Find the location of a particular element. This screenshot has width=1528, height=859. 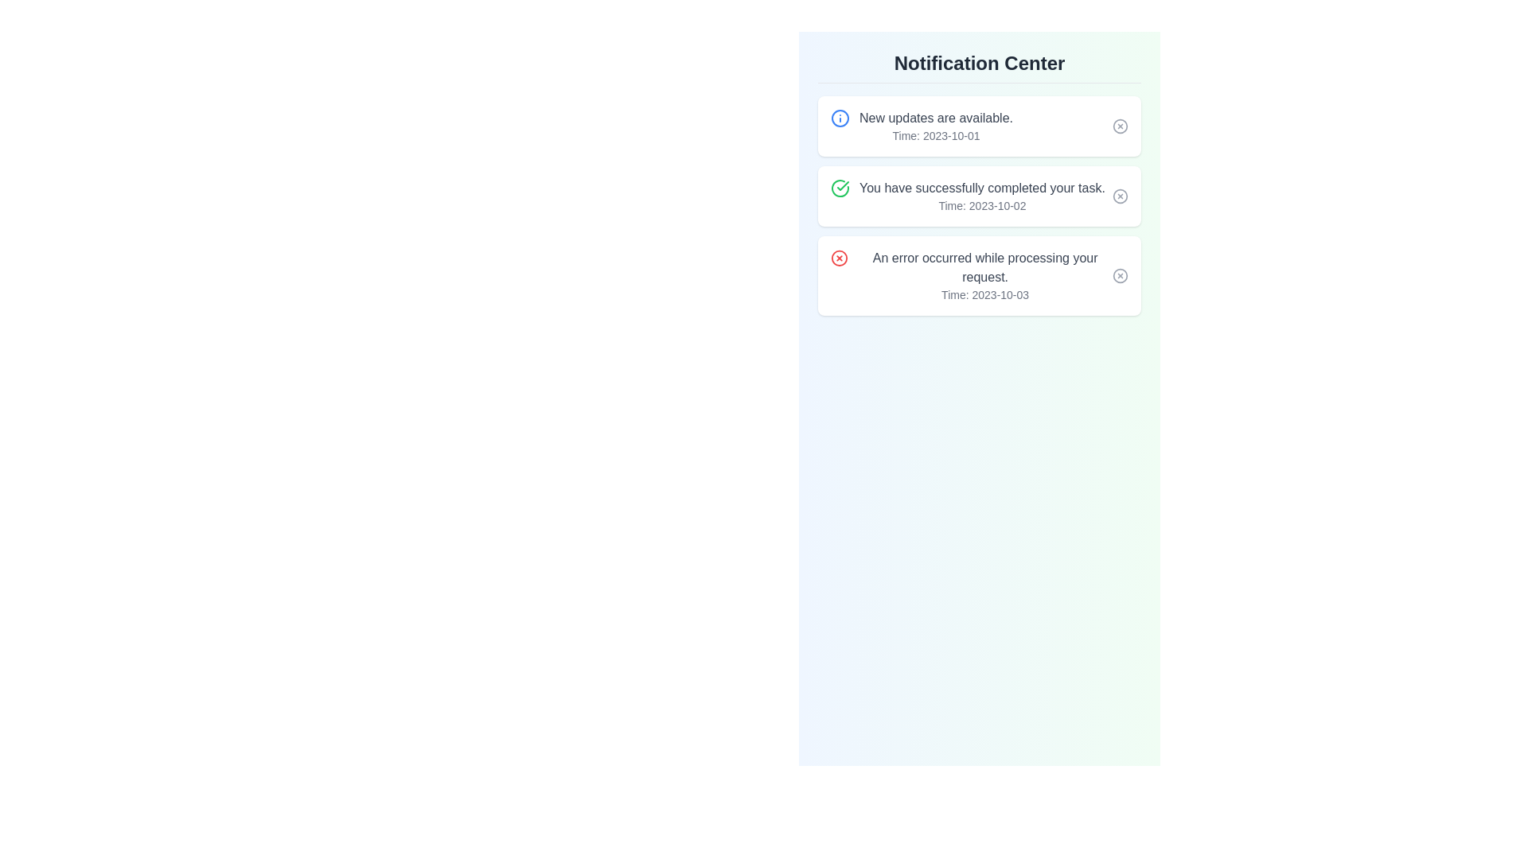

success message from the second notification card in the notification panel, which indicates a successful task completion and includes a timestamp is located at coordinates (978, 195).